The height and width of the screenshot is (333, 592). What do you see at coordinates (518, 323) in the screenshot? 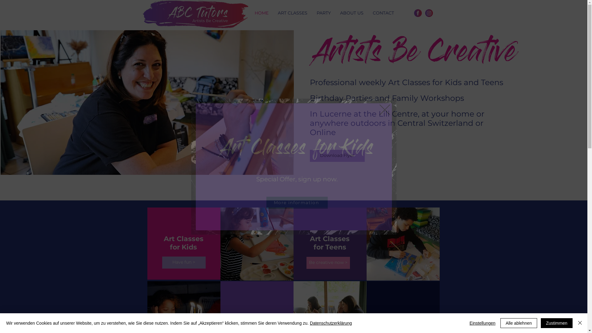
I see `'Alle ablehnen'` at bounding box center [518, 323].